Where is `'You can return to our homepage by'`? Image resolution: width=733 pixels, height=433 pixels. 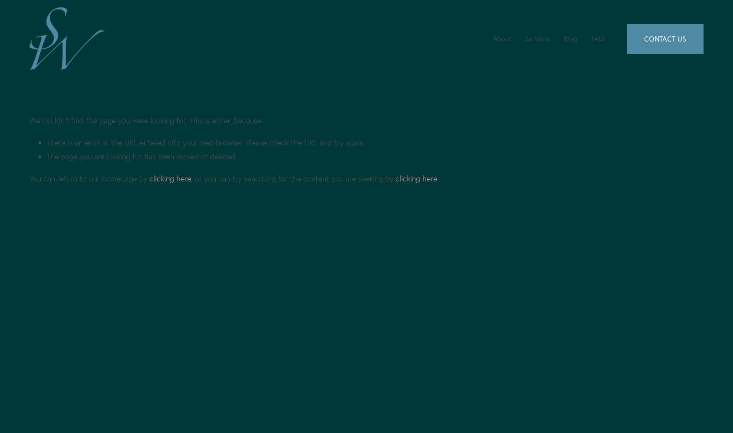 'You can return to our homepage by' is located at coordinates (88, 178).